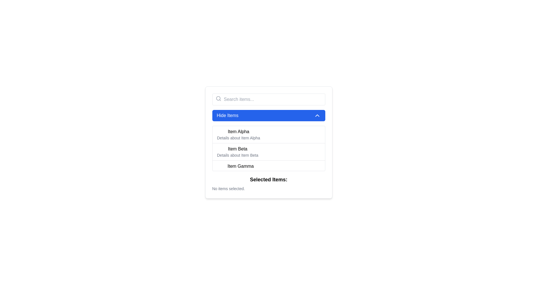  I want to click on displayed information from the Text Display located at the bottom of the card-styled section, which shows the currently selected items or indicates 'No items selected.', so click(268, 184).